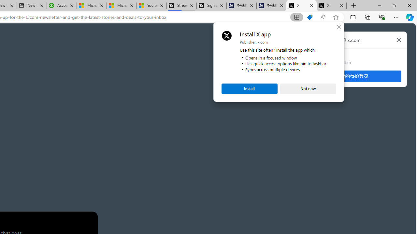 This screenshot has height=234, width=417. Describe the element at coordinates (396, 17) in the screenshot. I see `'Settings and more (Alt+F)'` at that location.